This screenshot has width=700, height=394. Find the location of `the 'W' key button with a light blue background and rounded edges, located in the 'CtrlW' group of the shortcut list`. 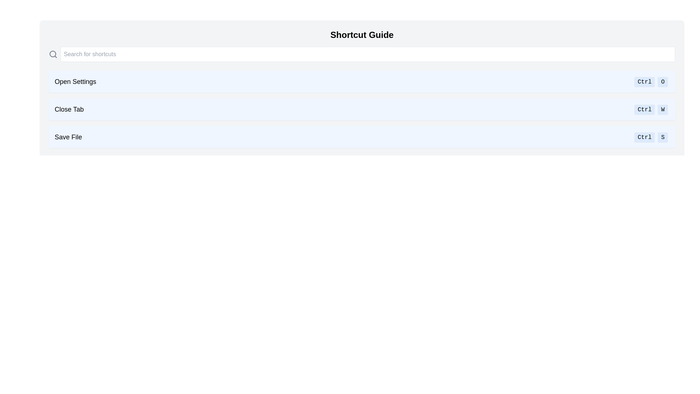

the 'W' key button with a light blue background and rounded edges, located in the 'CtrlW' group of the shortcut list is located at coordinates (663, 109).